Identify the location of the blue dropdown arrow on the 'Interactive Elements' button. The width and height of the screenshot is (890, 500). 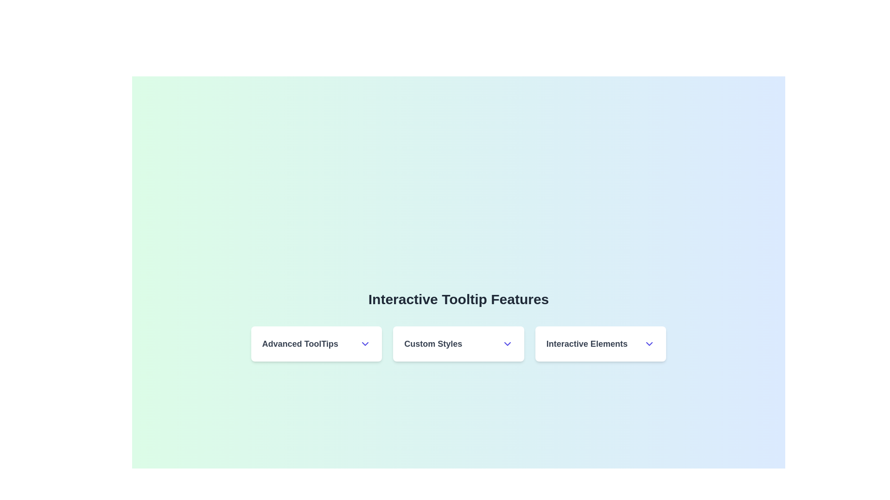
(601, 344).